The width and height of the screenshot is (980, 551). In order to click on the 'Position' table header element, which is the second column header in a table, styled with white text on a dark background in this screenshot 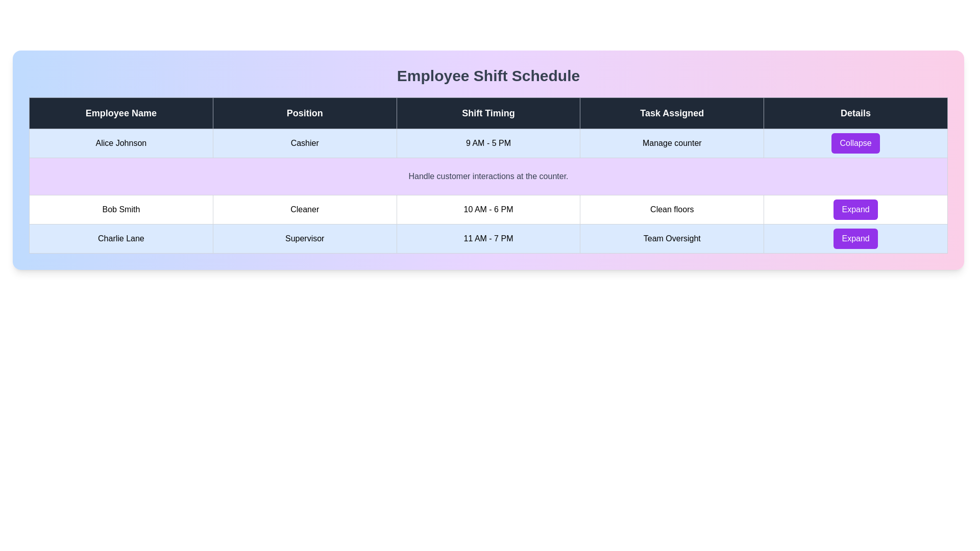, I will do `click(304, 113)`.